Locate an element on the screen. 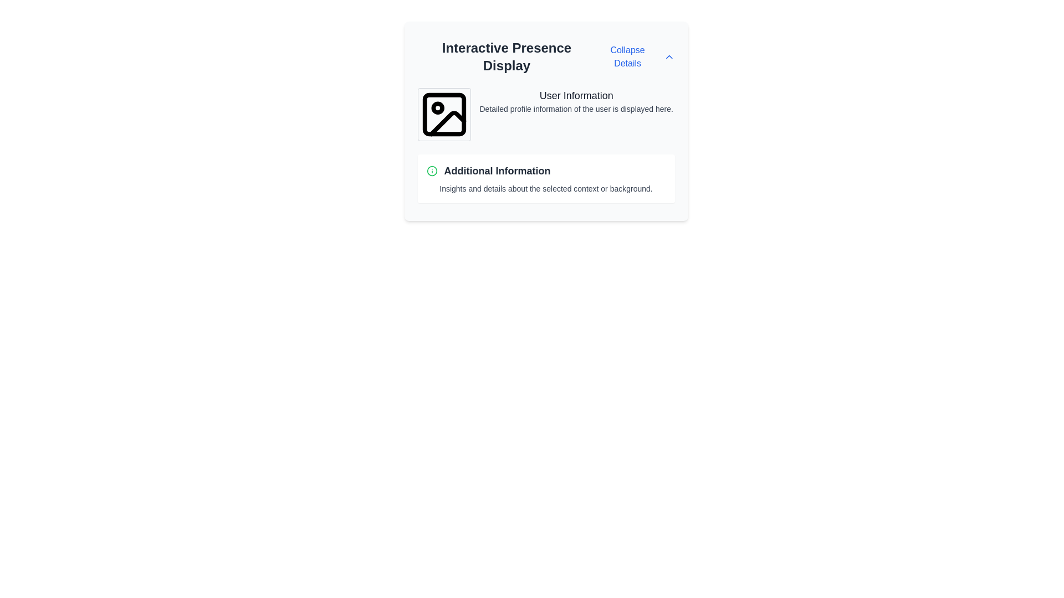  the circular icon with a green outline and black interior, which features a vertical line and a dot above it, located to the left of the text 'Additional Information' is located at coordinates (431, 171).